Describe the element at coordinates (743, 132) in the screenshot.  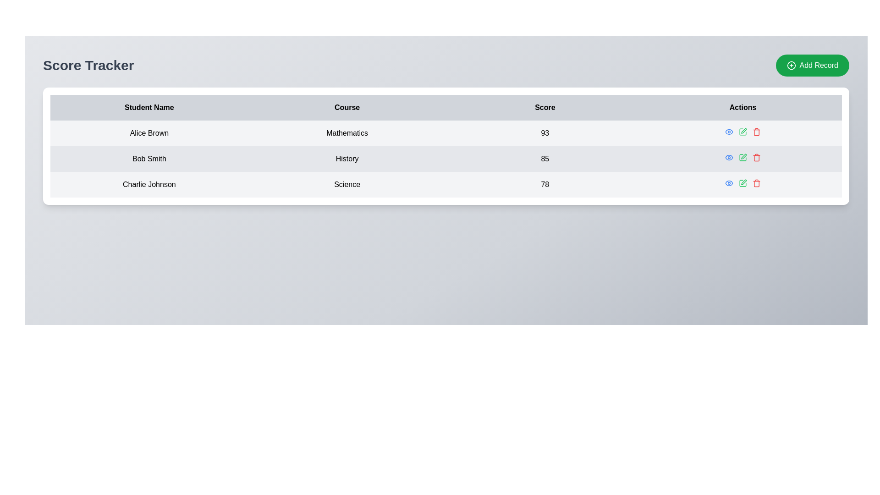
I see `the edit icon button in the 'Actions' column of the table for the student 'Bob Smith'` at that location.